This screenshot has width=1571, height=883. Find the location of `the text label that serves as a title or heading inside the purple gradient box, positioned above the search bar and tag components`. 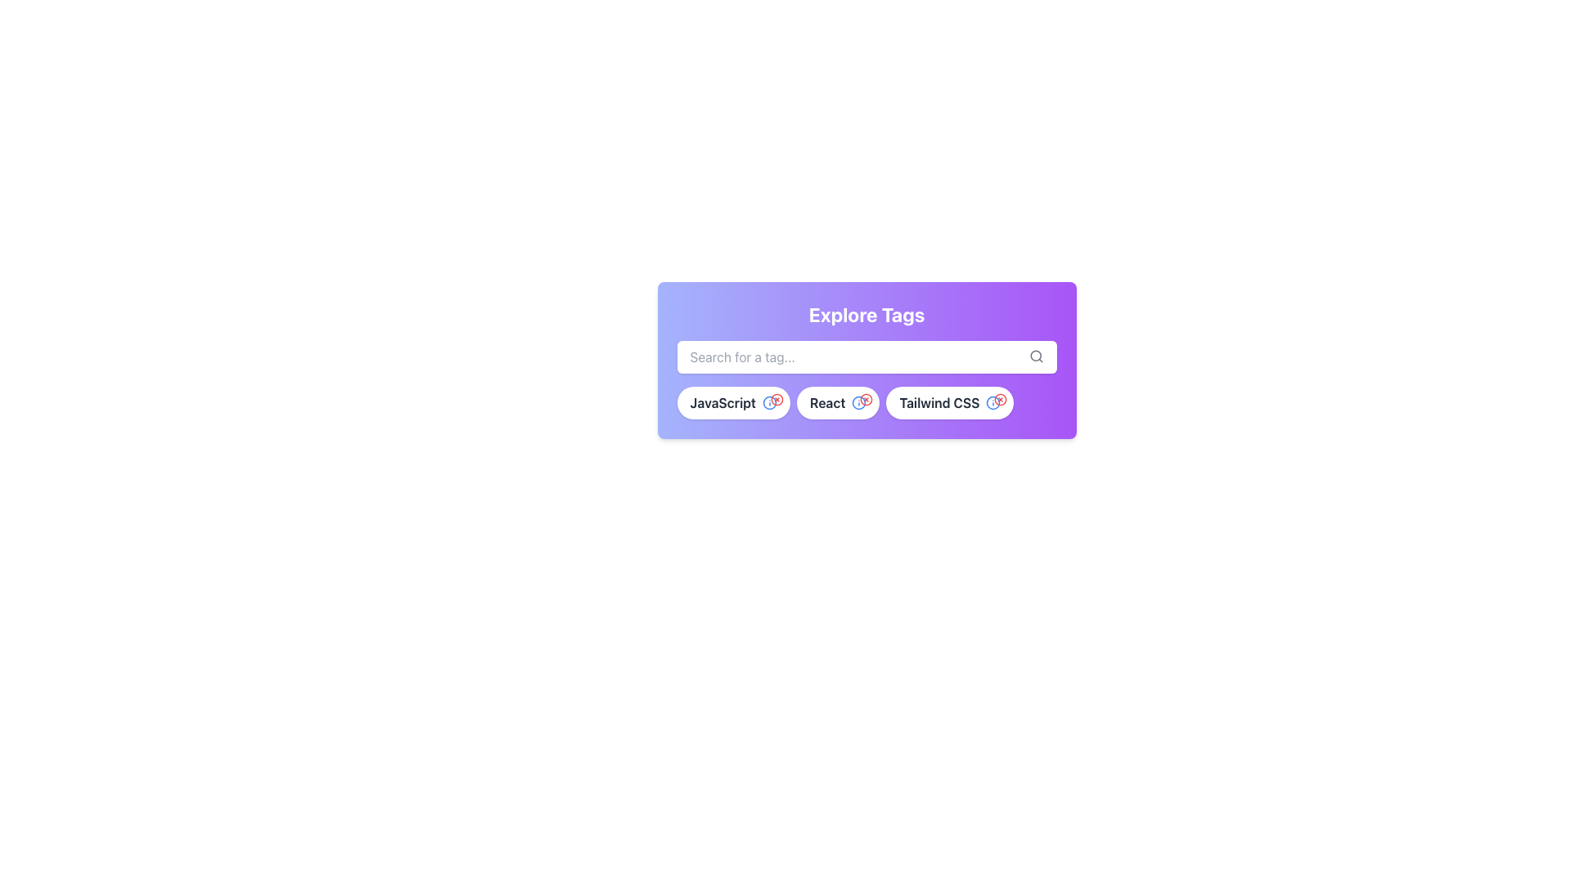

the text label that serves as a title or heading inside the purple gradient box, positioned above the search bar and tag components is located at coordinates (866, 315).